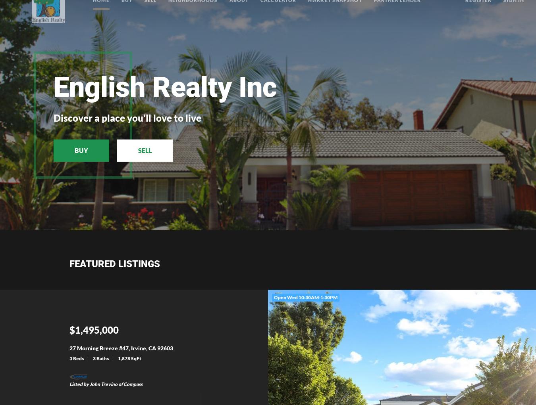 The image size is (536, 405). I want to click on 'Listed by John Trevino of Compass', so click(106, 383).